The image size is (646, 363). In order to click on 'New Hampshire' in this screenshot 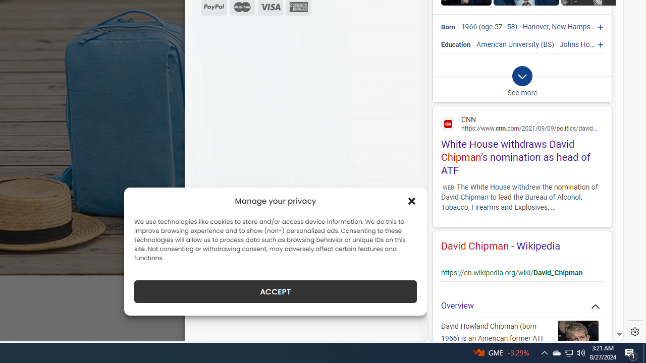, I will do `click(577, 27)`.